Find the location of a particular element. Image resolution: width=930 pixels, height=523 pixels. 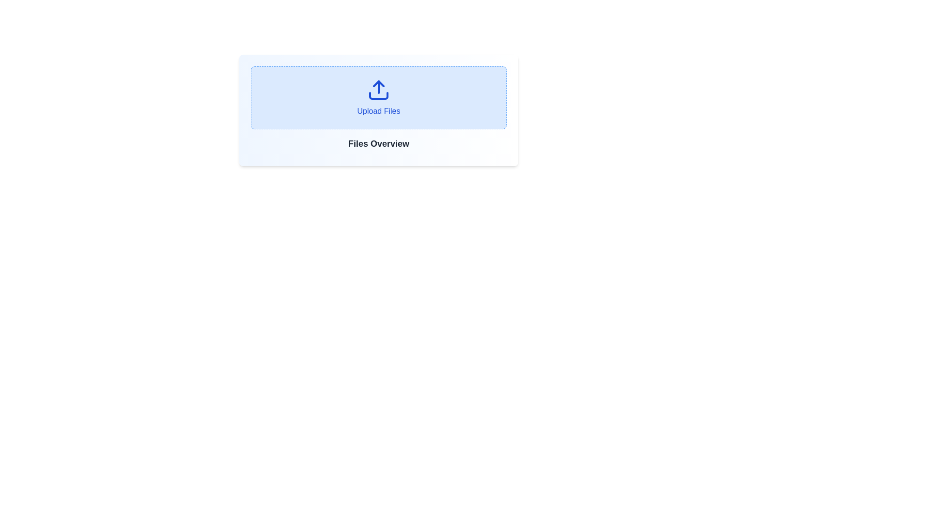

the horizontal arc-like shape that forms the base of the upload icon, which is part of the 'Upload Files' area is located at coordinates (378, 95).